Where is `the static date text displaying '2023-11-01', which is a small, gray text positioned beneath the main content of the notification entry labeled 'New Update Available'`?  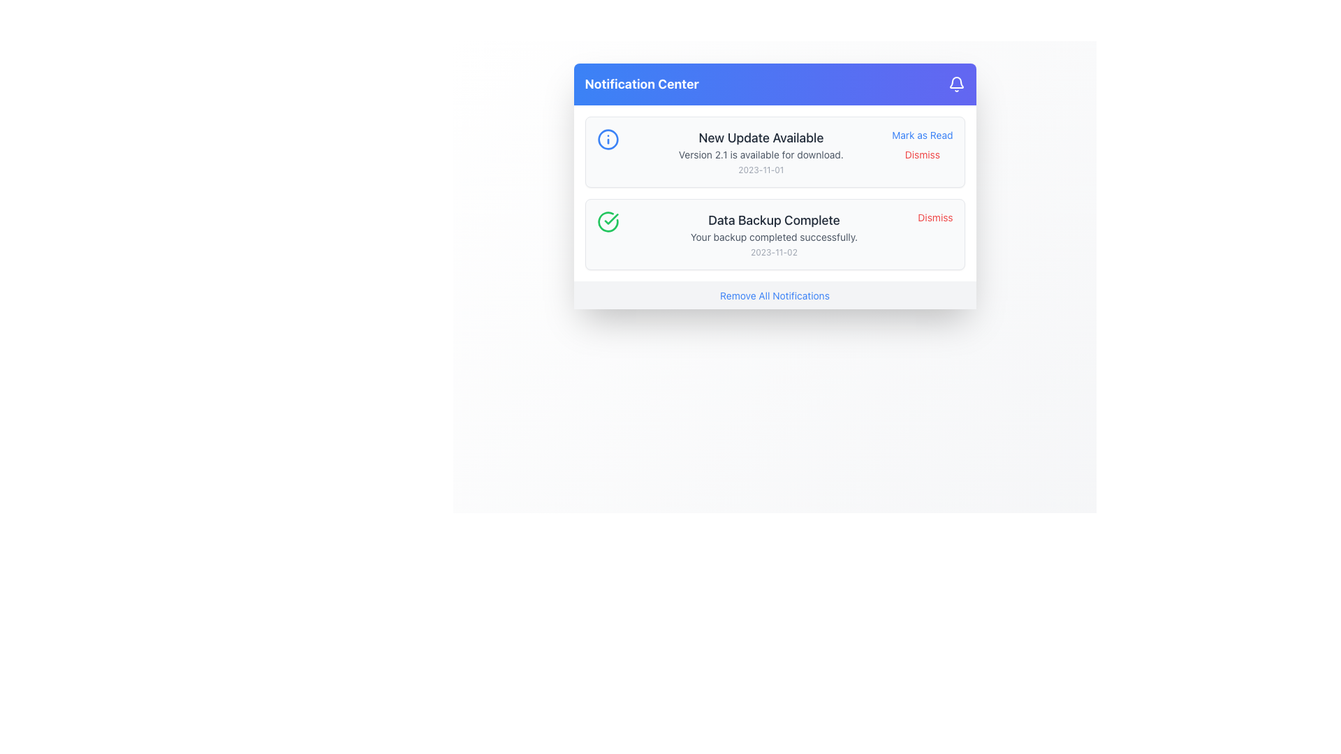
the static date text displaying '2023-11-01', which is a small, gray text positioned beneath the main content of the notification entry labeled 'New Update Available' is located at coordinates (760, 169).